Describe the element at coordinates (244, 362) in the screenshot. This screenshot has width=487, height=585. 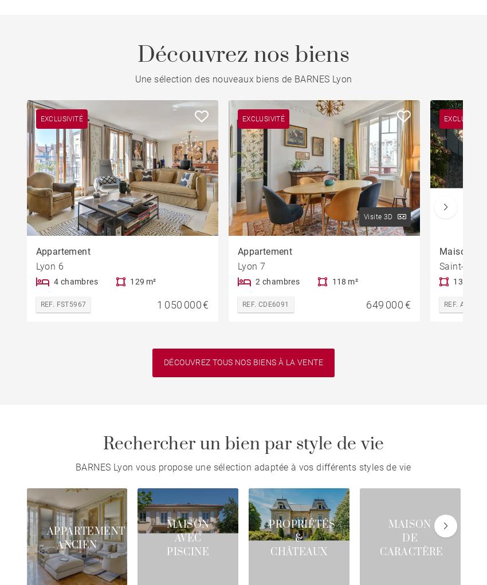
I see `'Découvrez tous nos biens à la vente'` at that location.